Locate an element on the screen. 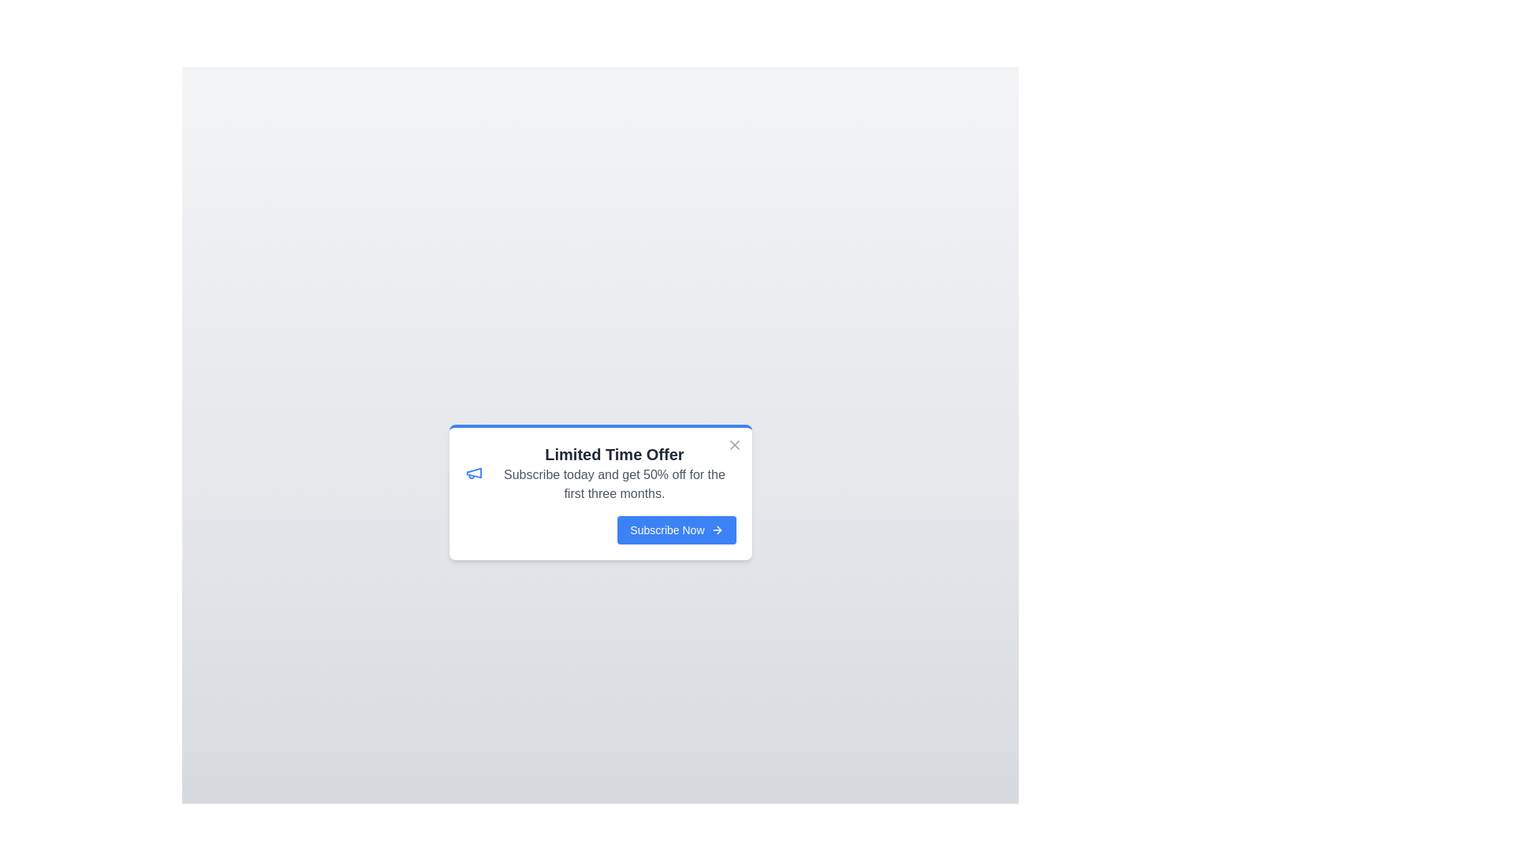 The width and height of the screenshot is (1514, 851). the 'X' button to close the alert is located at coordinates (733, 444).